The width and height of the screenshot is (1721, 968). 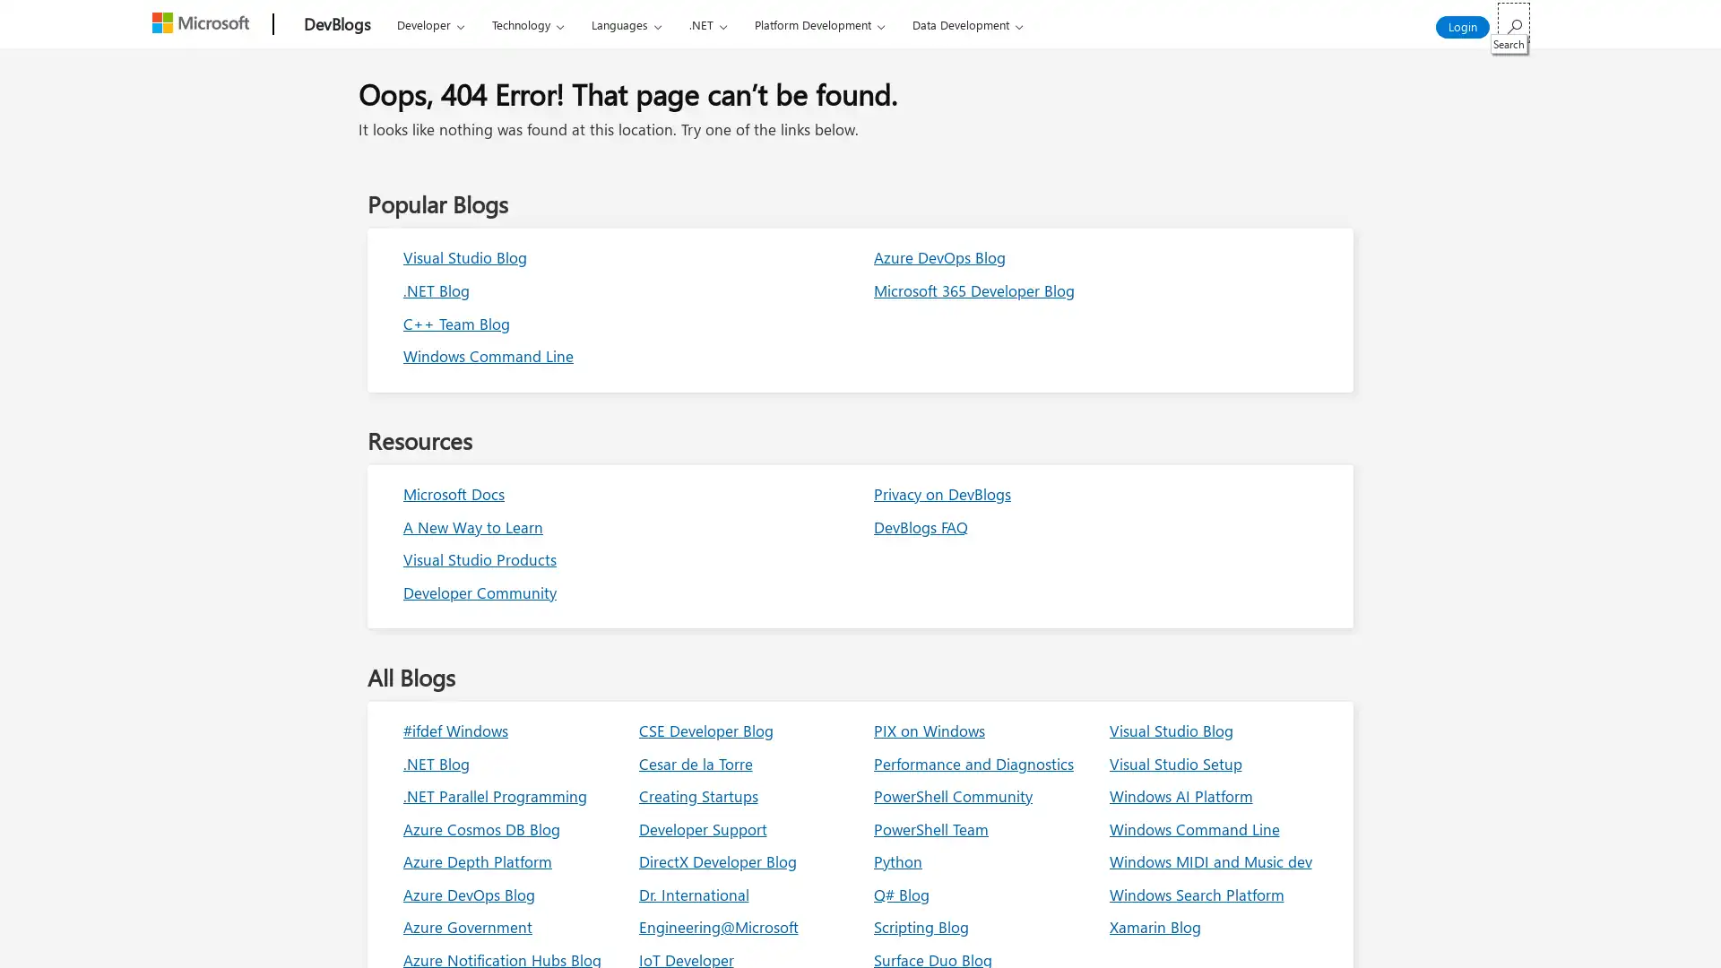 What do you see at coordinates (966, 24) in the screenshot?
I see `Data Development` at bounding box center [966, 24].